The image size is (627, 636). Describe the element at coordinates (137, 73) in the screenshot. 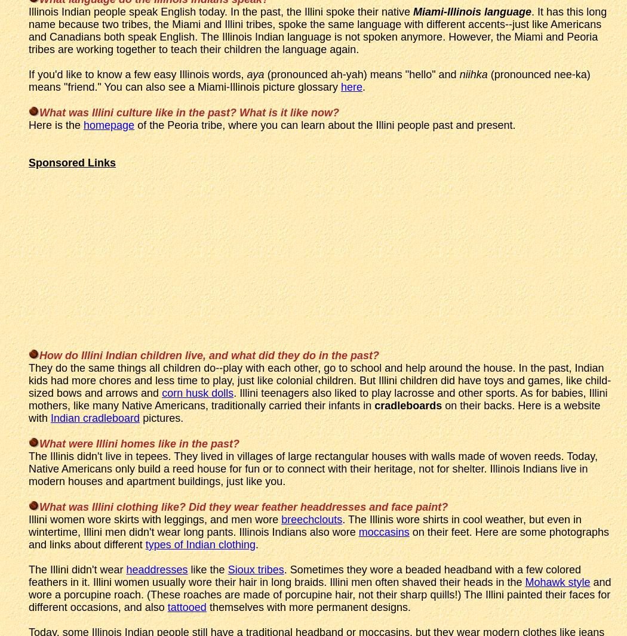

I see `'If you'd like to know a few easy Illinois words,'` at that location.